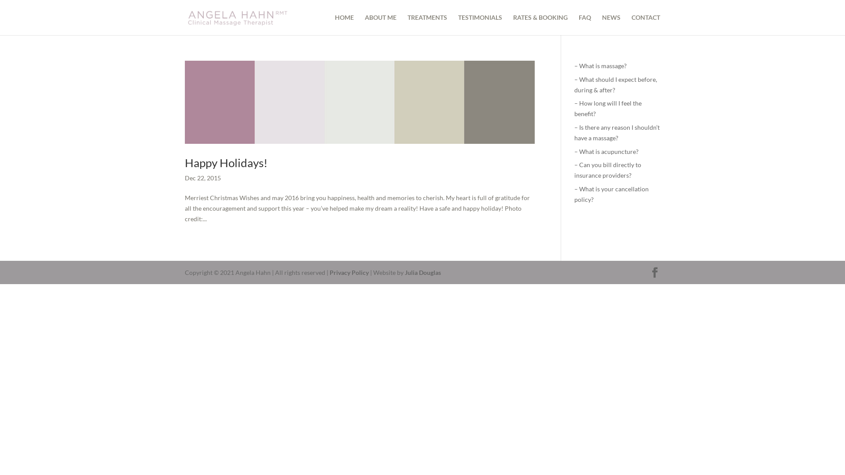 This screenshot has height=475, width=845. Describe the element at coordinates (585, 24) in the screenshot. I see `'FAQ'` at that location.